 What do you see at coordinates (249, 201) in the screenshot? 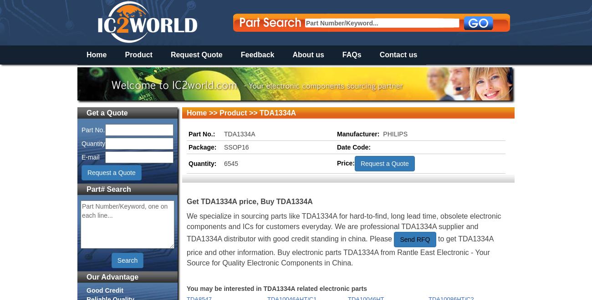
I see `'Get TDA1334A price, Buy TDA1334A'` at bounding box center [249, 201].